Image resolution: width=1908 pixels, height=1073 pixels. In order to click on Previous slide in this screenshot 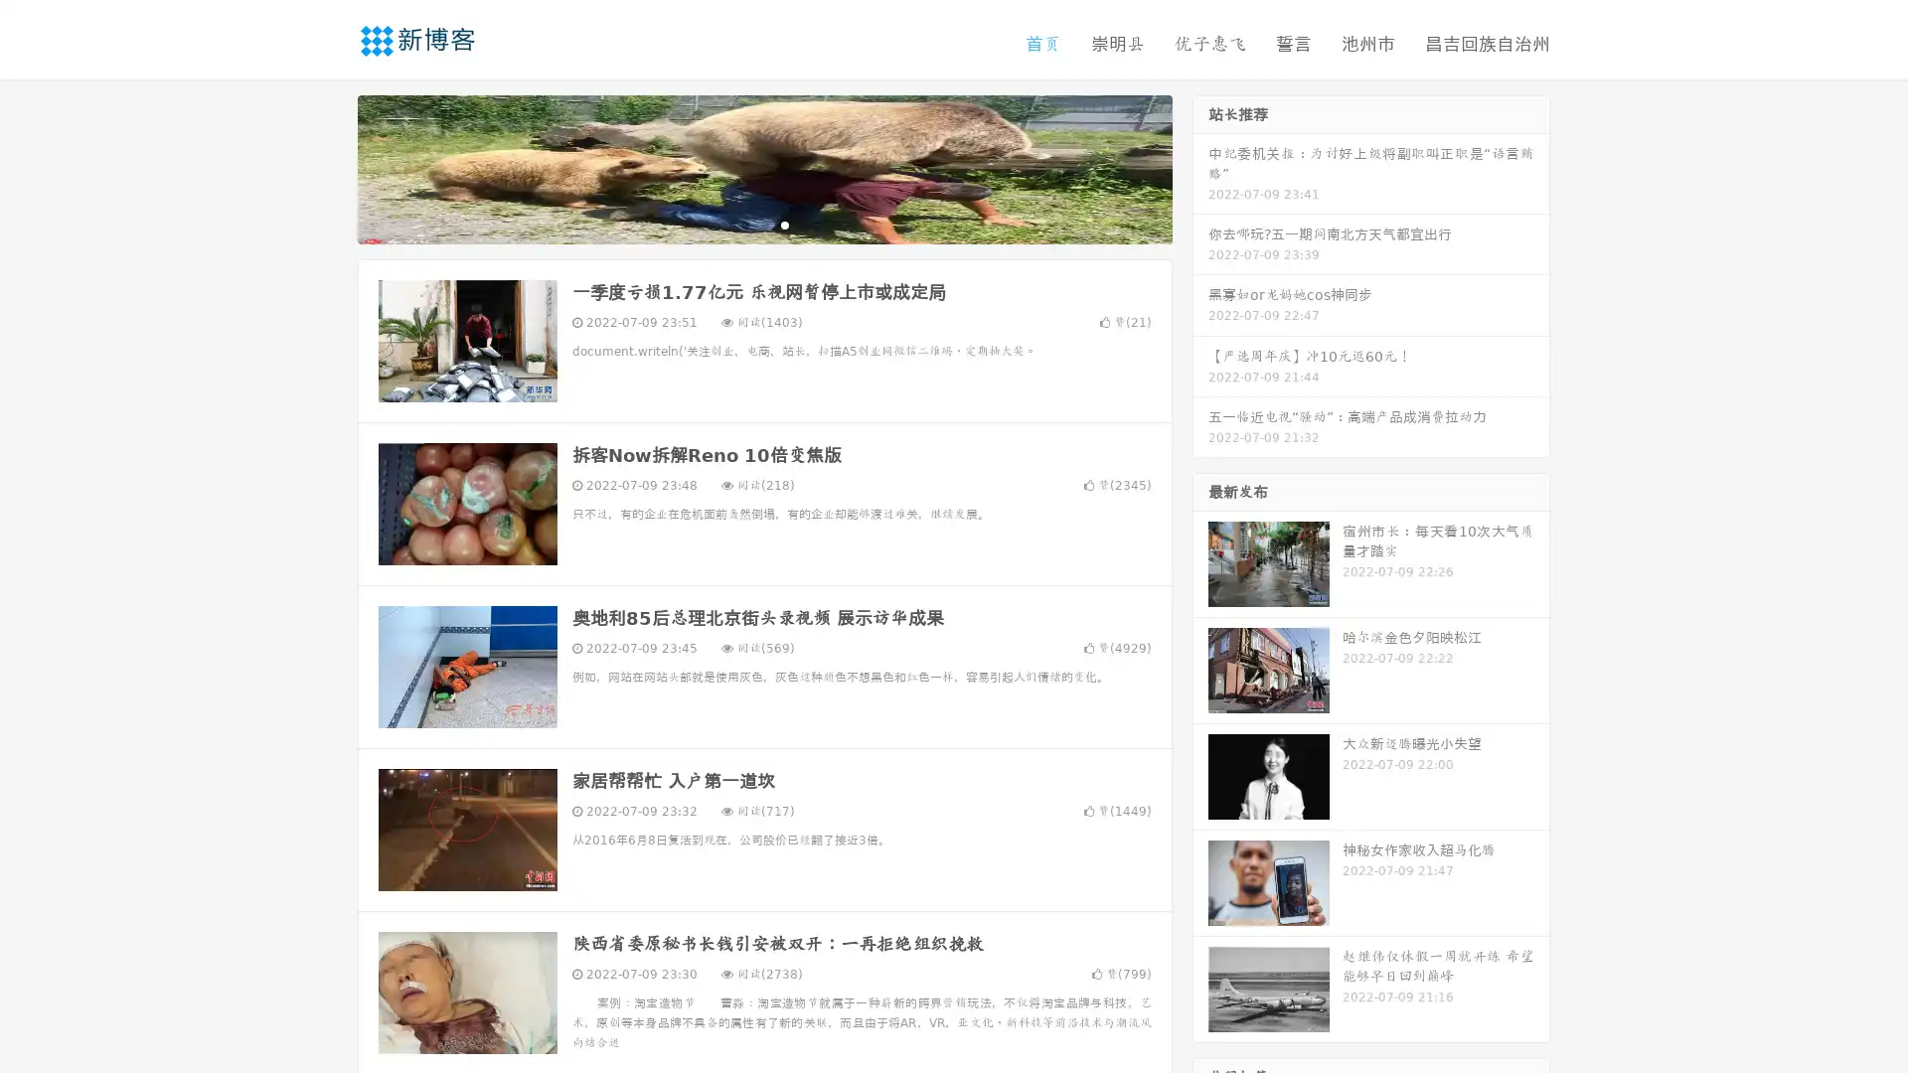, I will do `click(328, 167)`.